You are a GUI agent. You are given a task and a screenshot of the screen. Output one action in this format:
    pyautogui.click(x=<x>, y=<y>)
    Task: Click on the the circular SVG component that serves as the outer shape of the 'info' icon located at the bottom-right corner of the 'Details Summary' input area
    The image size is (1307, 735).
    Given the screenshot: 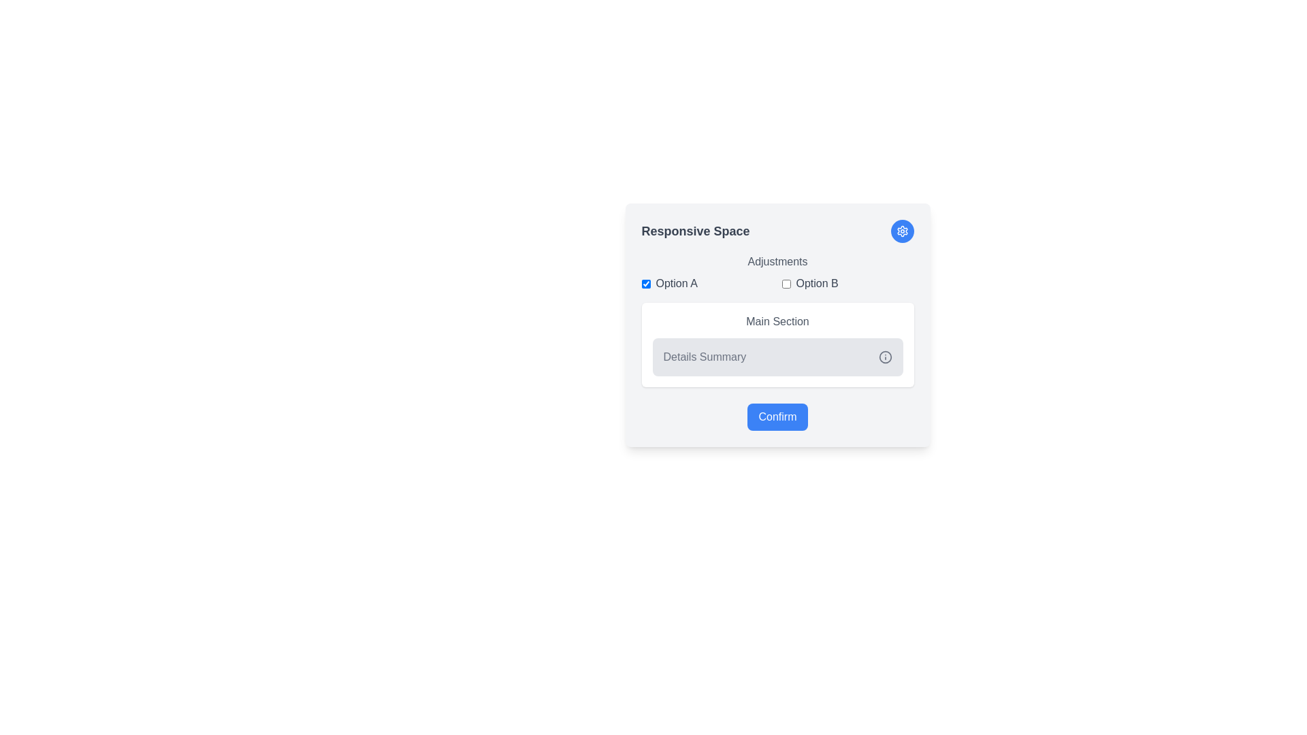 What is the action you would take?
    pyautogui.click(x=885, y=356)
    